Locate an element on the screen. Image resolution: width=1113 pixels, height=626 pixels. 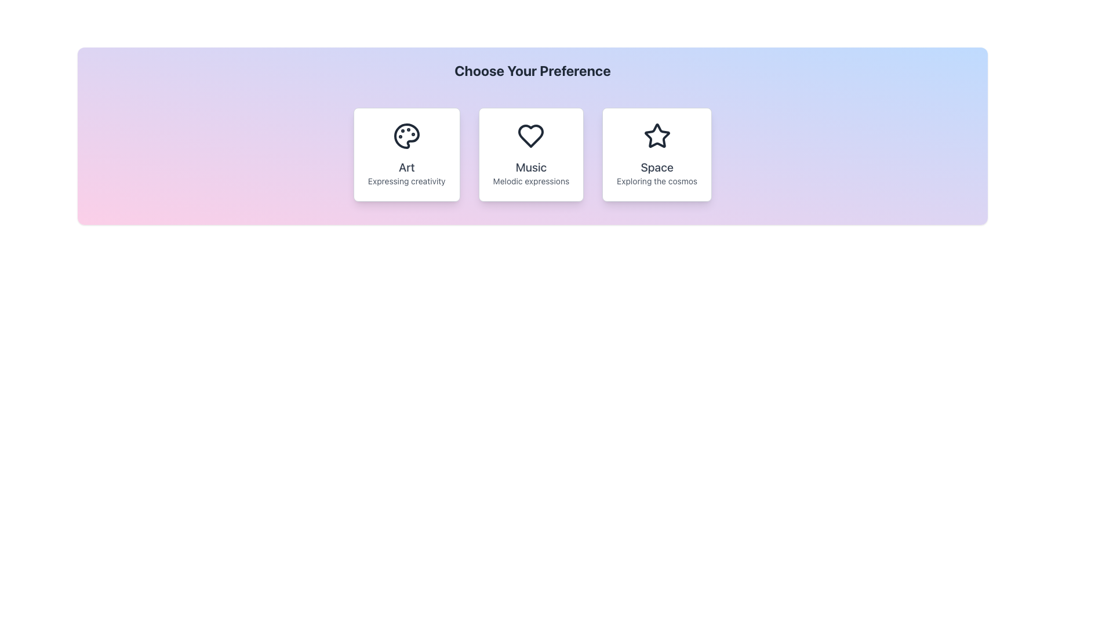
the vector graphic icon resembling a palette, located under the 'Art' label, to choose the preference is located at coordinates (406, 136).